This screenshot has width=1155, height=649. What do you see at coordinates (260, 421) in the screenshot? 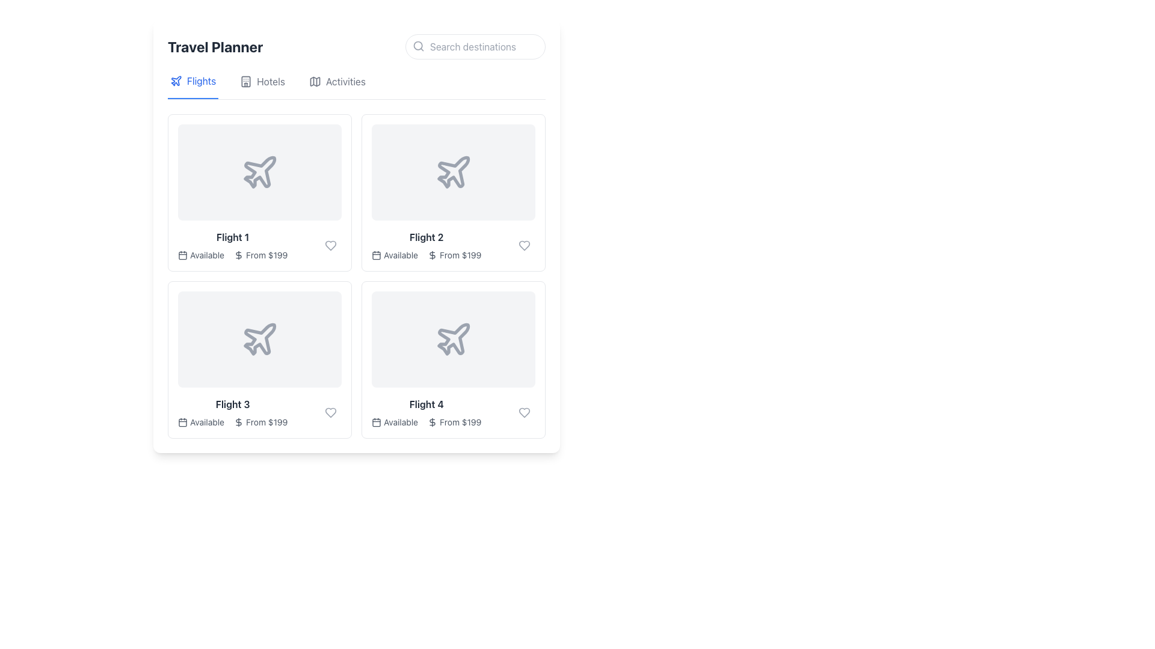
I see `the text element displaying 'From $199' with an accompanying dollar sign icon, located in the bottom section of the 'Flight 3' card, right of the 'Available' status indicator and above the heart icon` at bounding box center [260, 421].